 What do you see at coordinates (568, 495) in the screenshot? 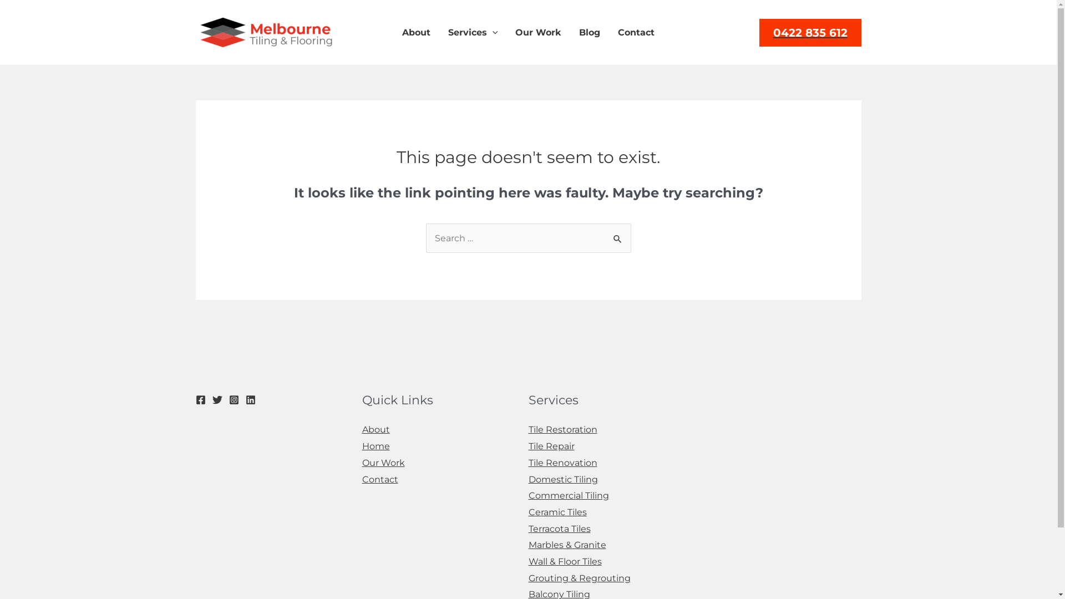
I see `'Commercial Tiling'` at bounding box center [568, 495].